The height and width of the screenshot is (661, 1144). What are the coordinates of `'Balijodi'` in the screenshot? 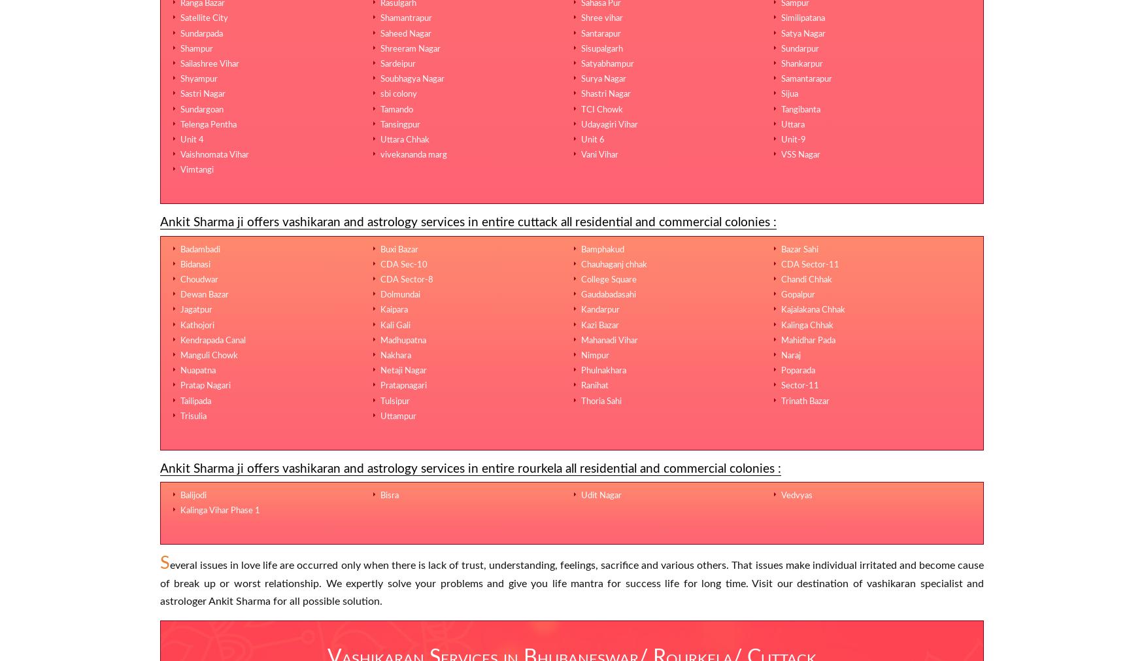 It's located at (192, 495).